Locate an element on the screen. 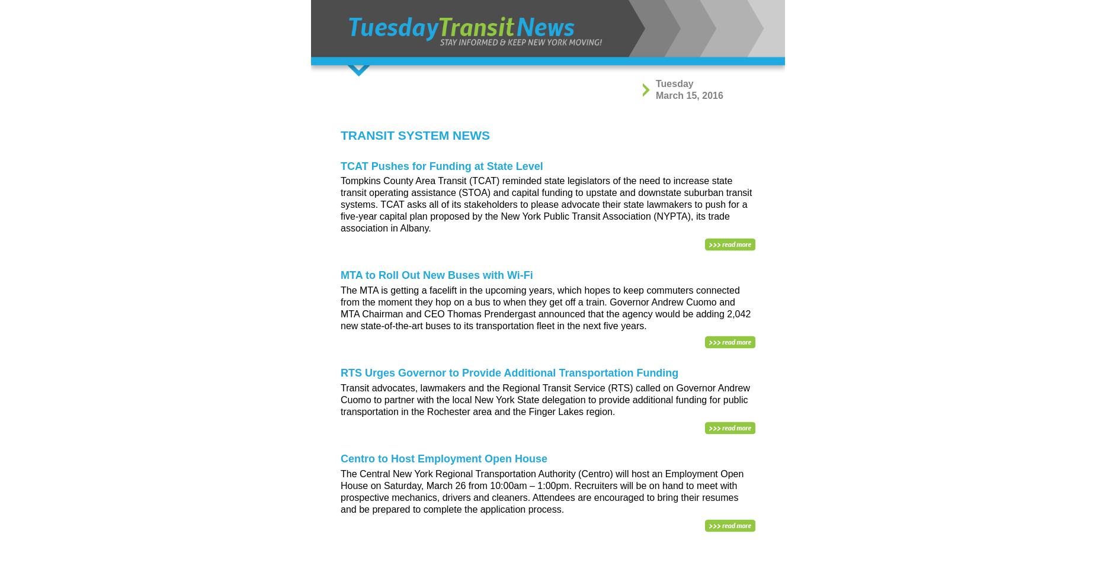  'TRANSIT SYSTEM NEWS' is located at coordinates (340, 134).